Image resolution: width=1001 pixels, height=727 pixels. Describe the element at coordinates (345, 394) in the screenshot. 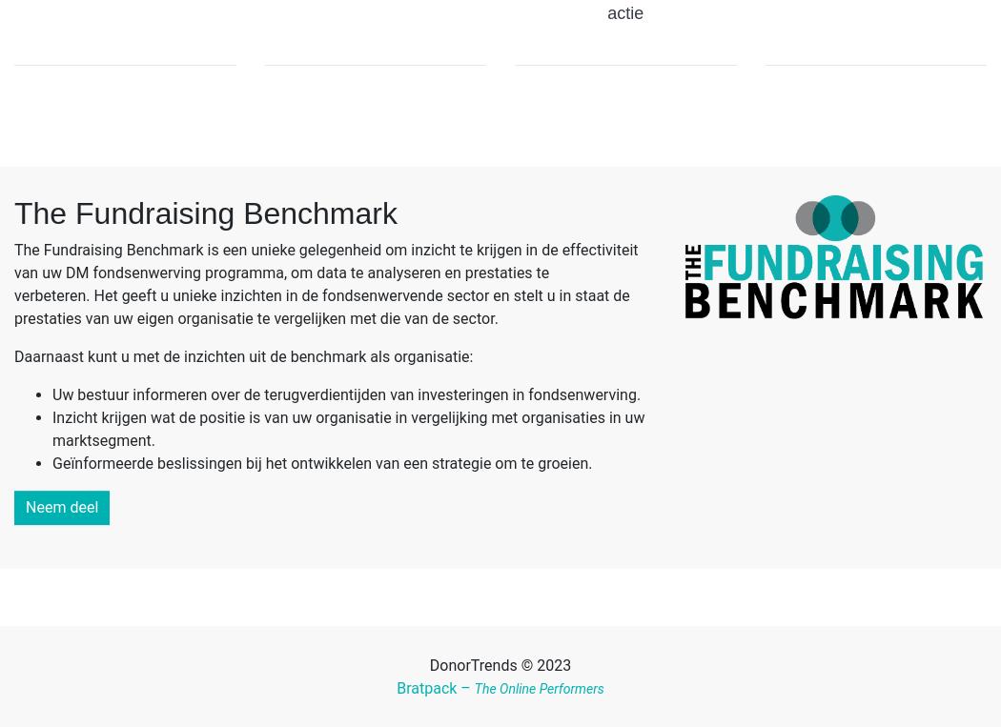

I see `'Uw bestuur informeren over de terugverdientijden van investeringen in fondsenwerving.'` at that location.